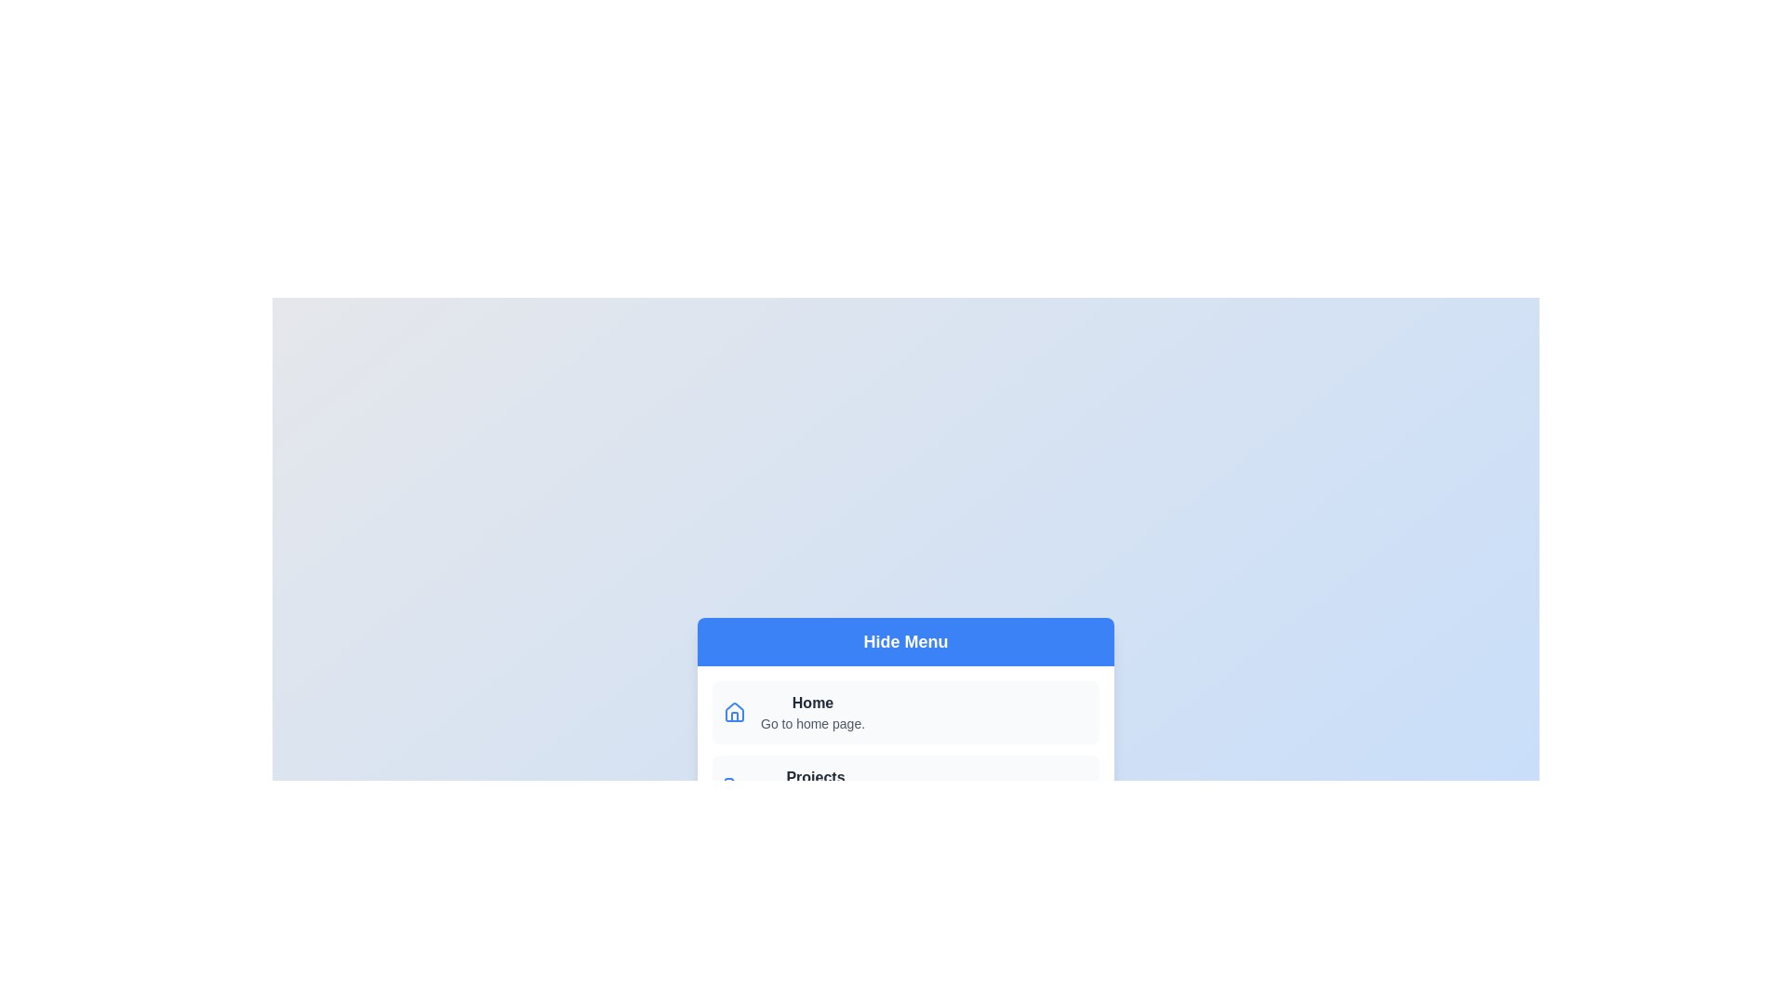 This screenshot has height=1005, width=1786. Describe the element at coordinates (906, 786) in the screenshot. I see `the menu item labeled Projects` at that location.